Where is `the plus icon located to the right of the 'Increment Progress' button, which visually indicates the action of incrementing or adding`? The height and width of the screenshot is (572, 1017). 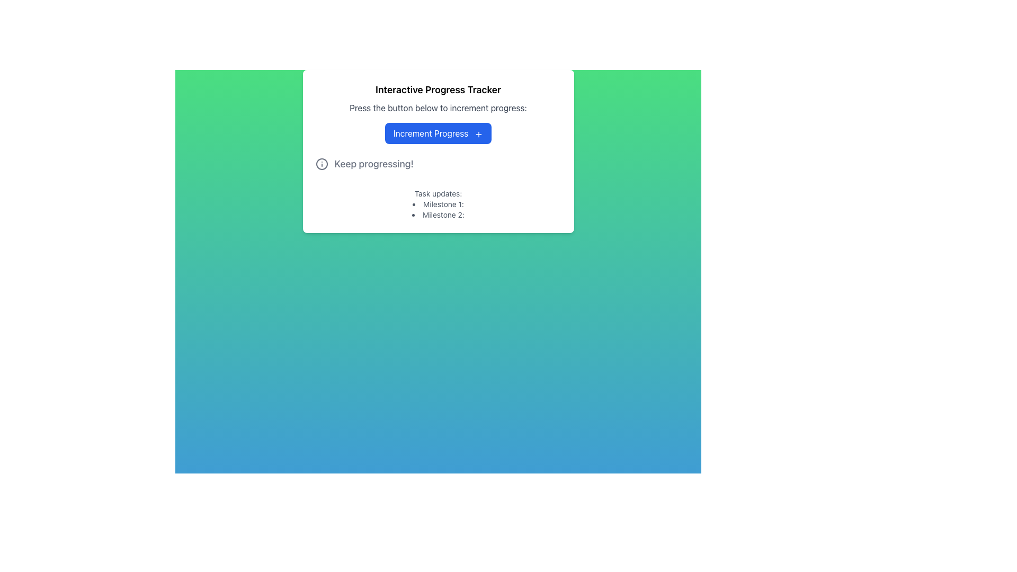 the plus icon located to the right of the 'Increment Progress' button, which visually indicates the action of incrementing or adding is located at coordinates (478, 133).